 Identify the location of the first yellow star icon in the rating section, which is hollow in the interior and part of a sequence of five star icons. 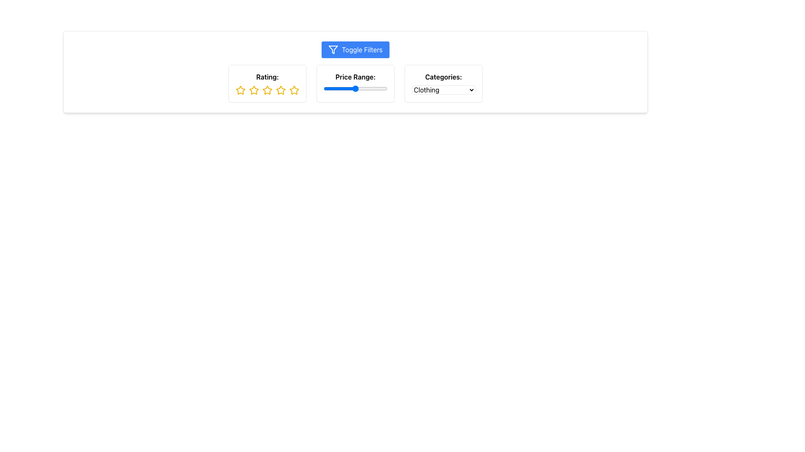
(240, 90).